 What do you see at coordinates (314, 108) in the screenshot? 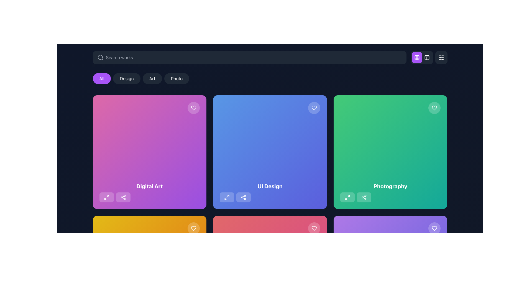
I see `the heart icon located at the top-right corner of the blue card labeled 'UI Design'` at bounding box center [314, 108].